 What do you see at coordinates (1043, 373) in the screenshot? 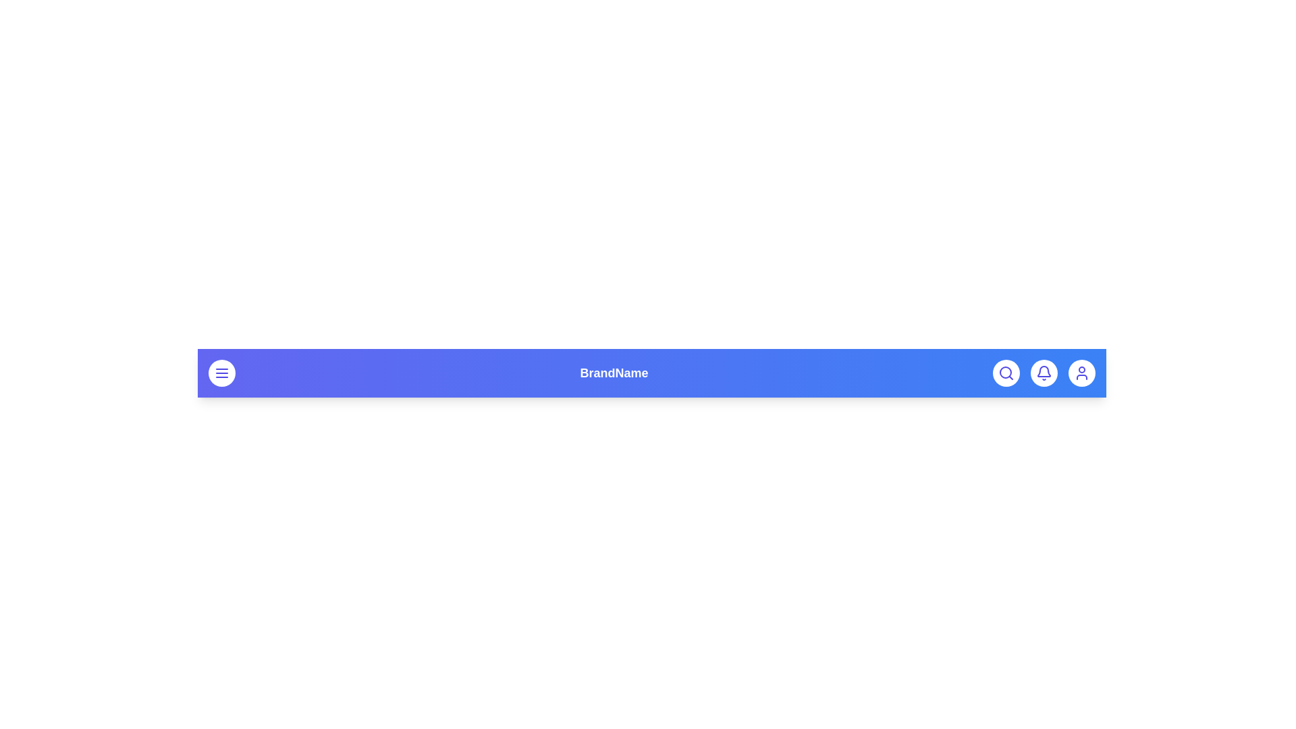
I see `the bell button to trigger a notification-related action` at bounding box center [1043, 373].